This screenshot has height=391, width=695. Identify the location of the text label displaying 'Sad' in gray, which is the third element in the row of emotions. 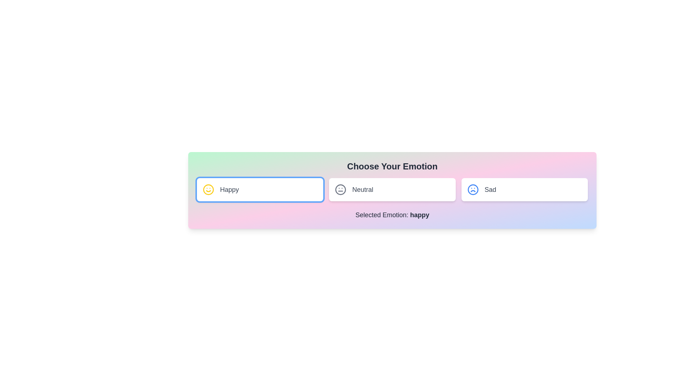
(490, 189).